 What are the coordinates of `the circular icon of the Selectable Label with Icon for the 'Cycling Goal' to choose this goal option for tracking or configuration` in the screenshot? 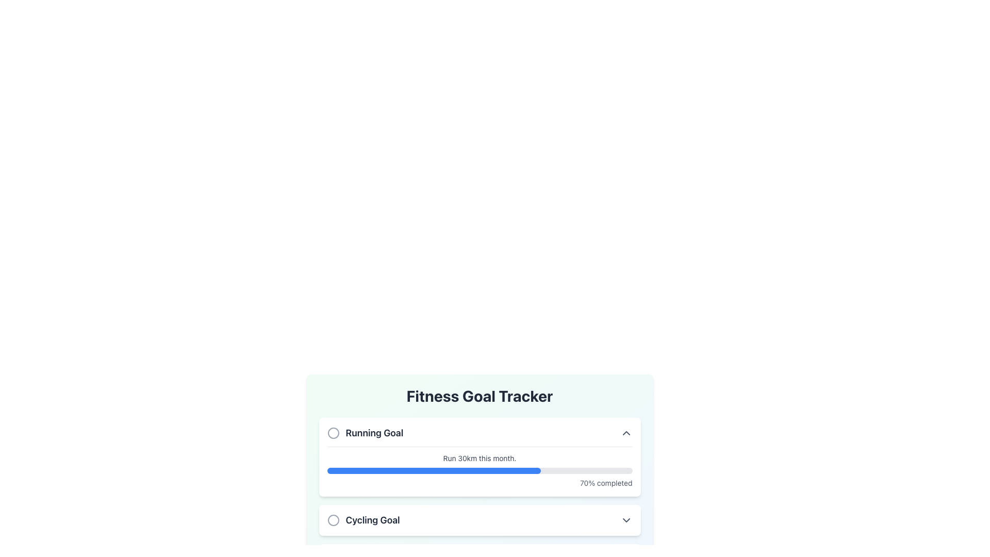 It's located at (364, 520).